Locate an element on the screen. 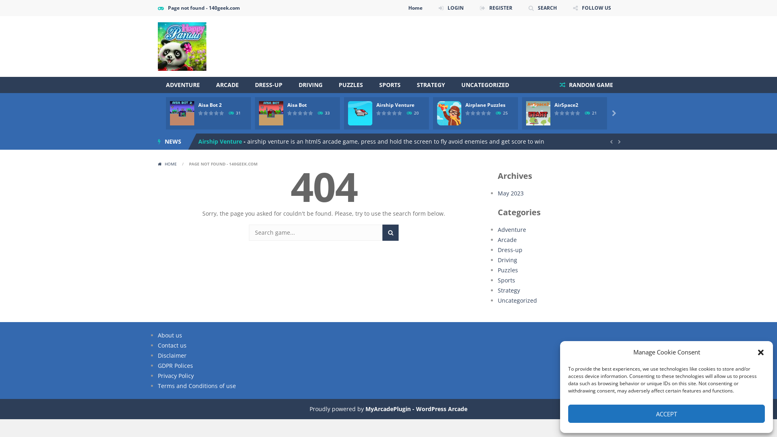 This screenshot has width=777, height=437. '0 votes, average: 0.00 out of 5' is located at coordinates (206, 113).